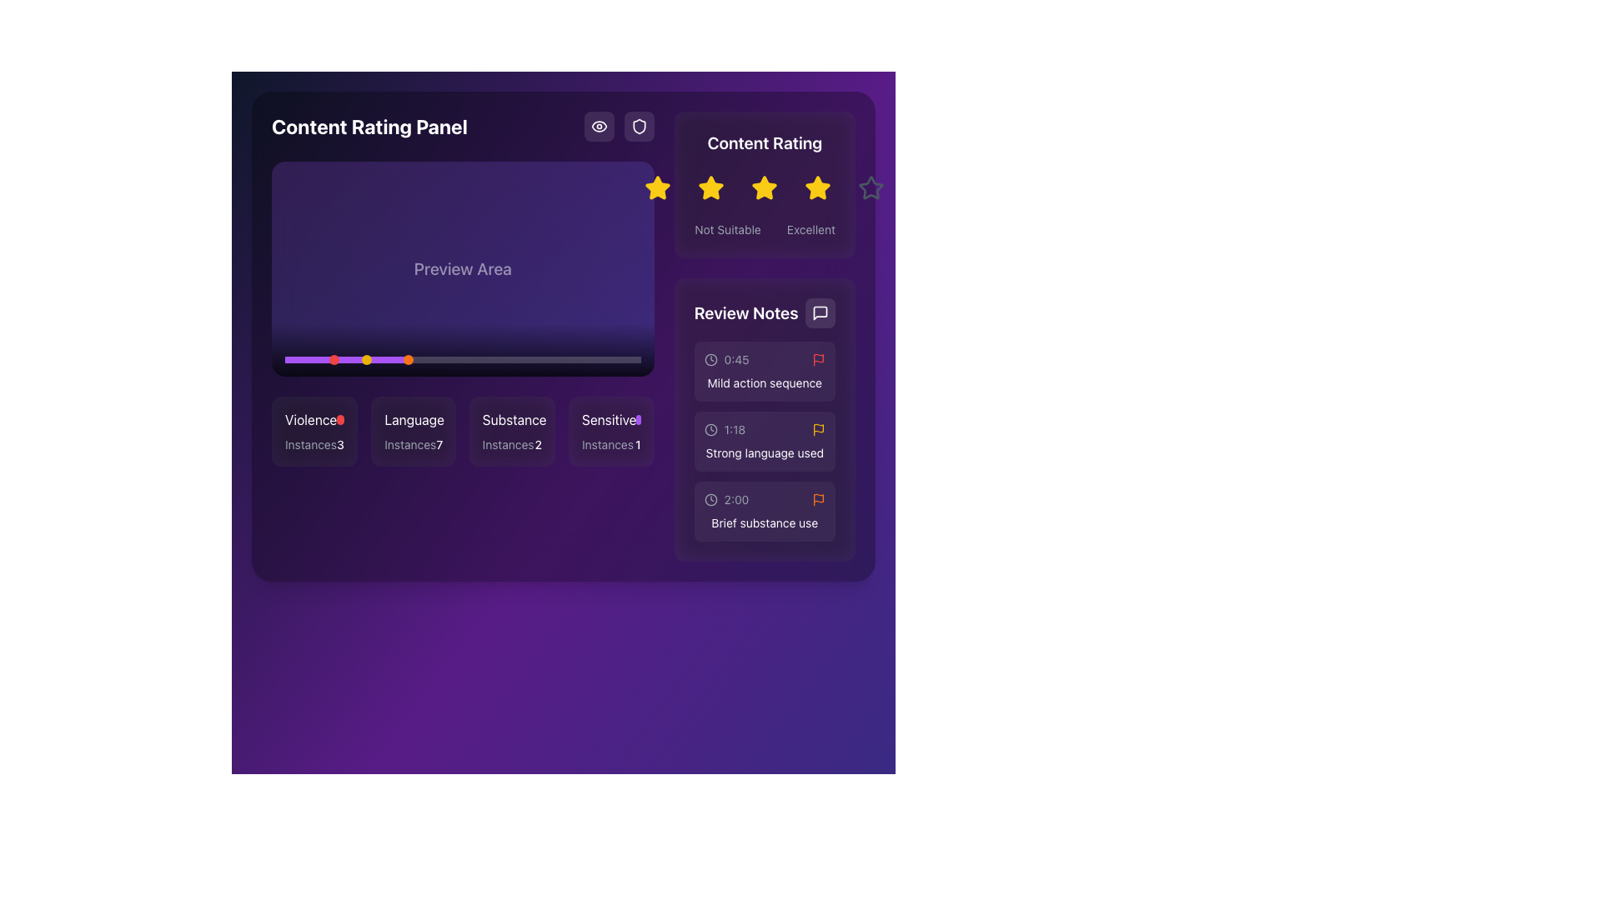 This screenshot has height=900, width=1601. Describe the element at coordinates (764, 382) in the screenshot. I see `the text label displaying 'Mild action sequence' in the 'Review Notes' section, located between the time indicator '0:45' and the flag icon` at that location.